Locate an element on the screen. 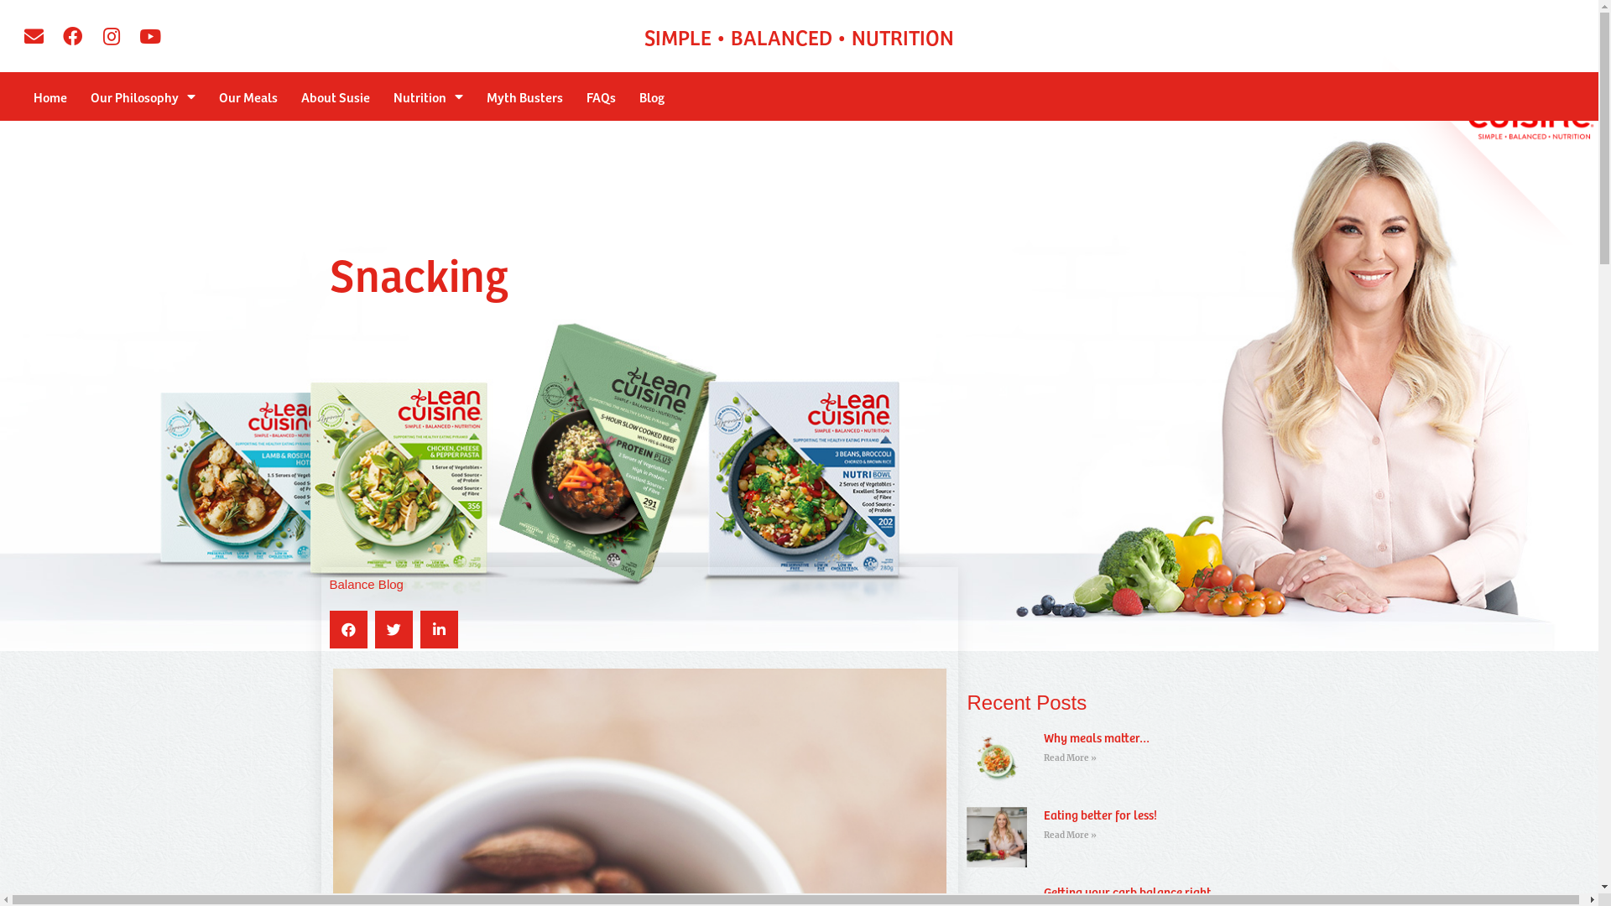  'Our Meals' is located at coordinates (248, 96).